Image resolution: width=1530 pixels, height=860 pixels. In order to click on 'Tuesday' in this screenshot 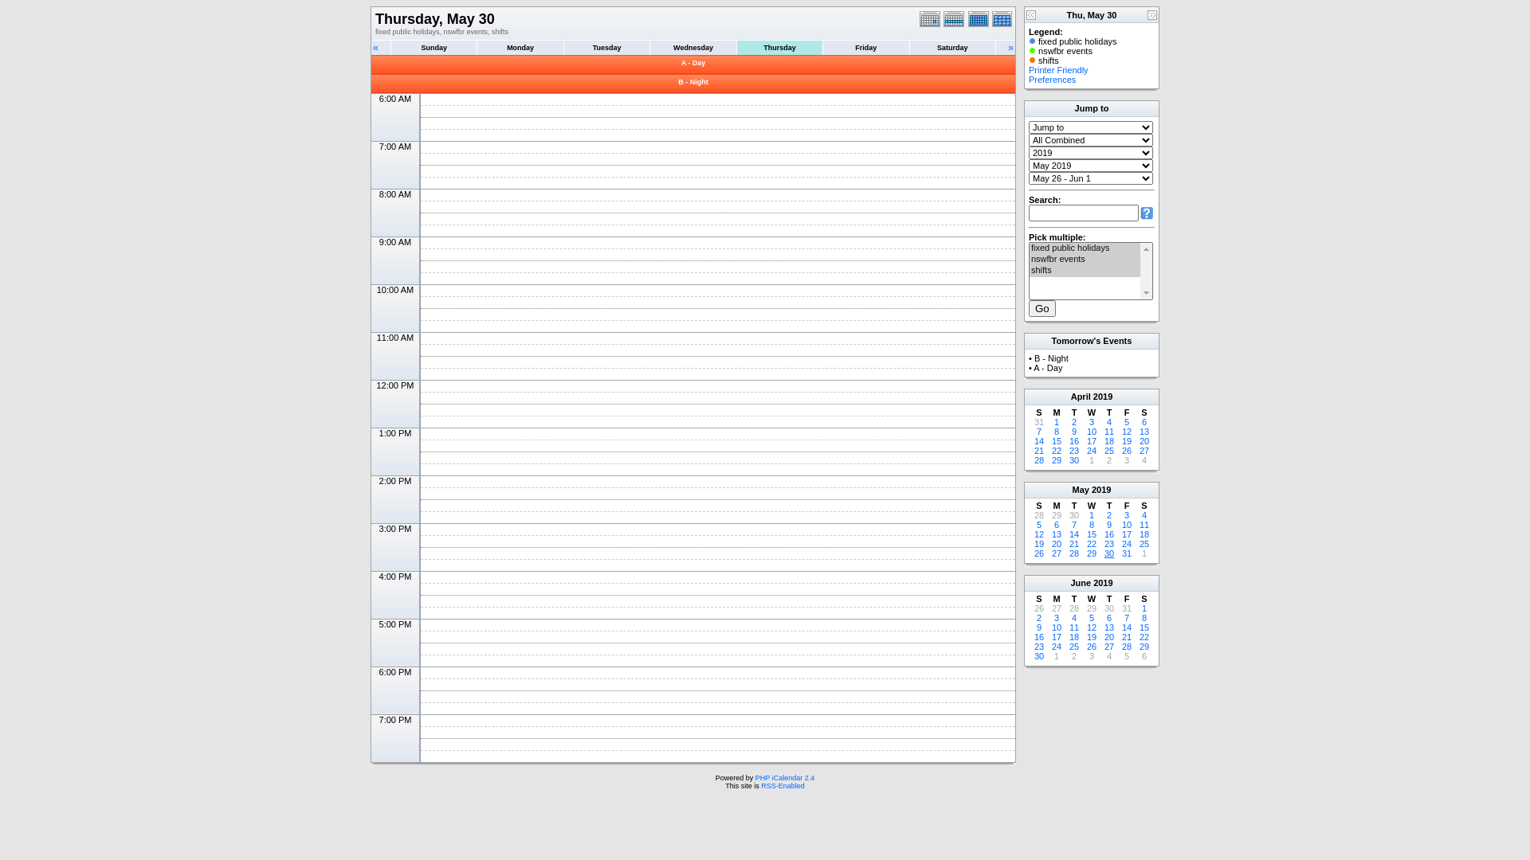, I will do `click(606, 46)`.